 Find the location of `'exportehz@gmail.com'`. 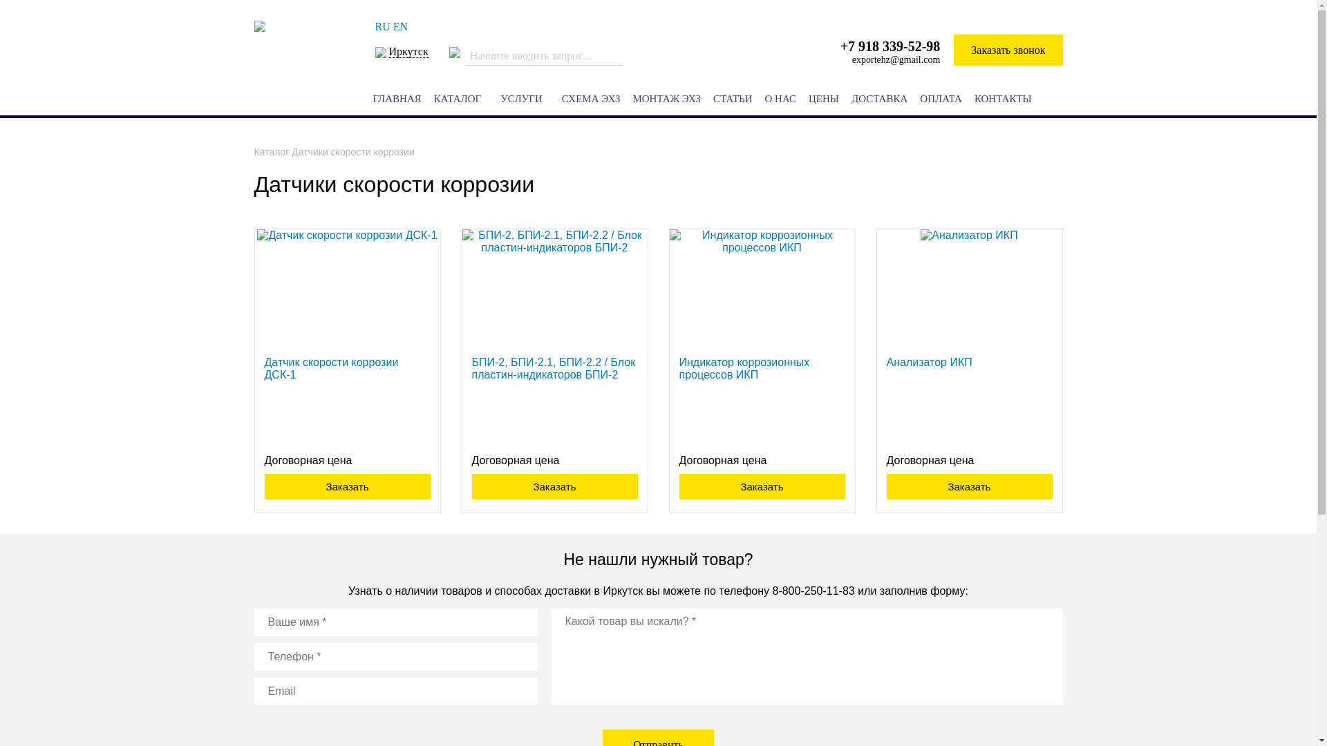

'exportehz@gmail.com' is located at coordinates (896, 59).